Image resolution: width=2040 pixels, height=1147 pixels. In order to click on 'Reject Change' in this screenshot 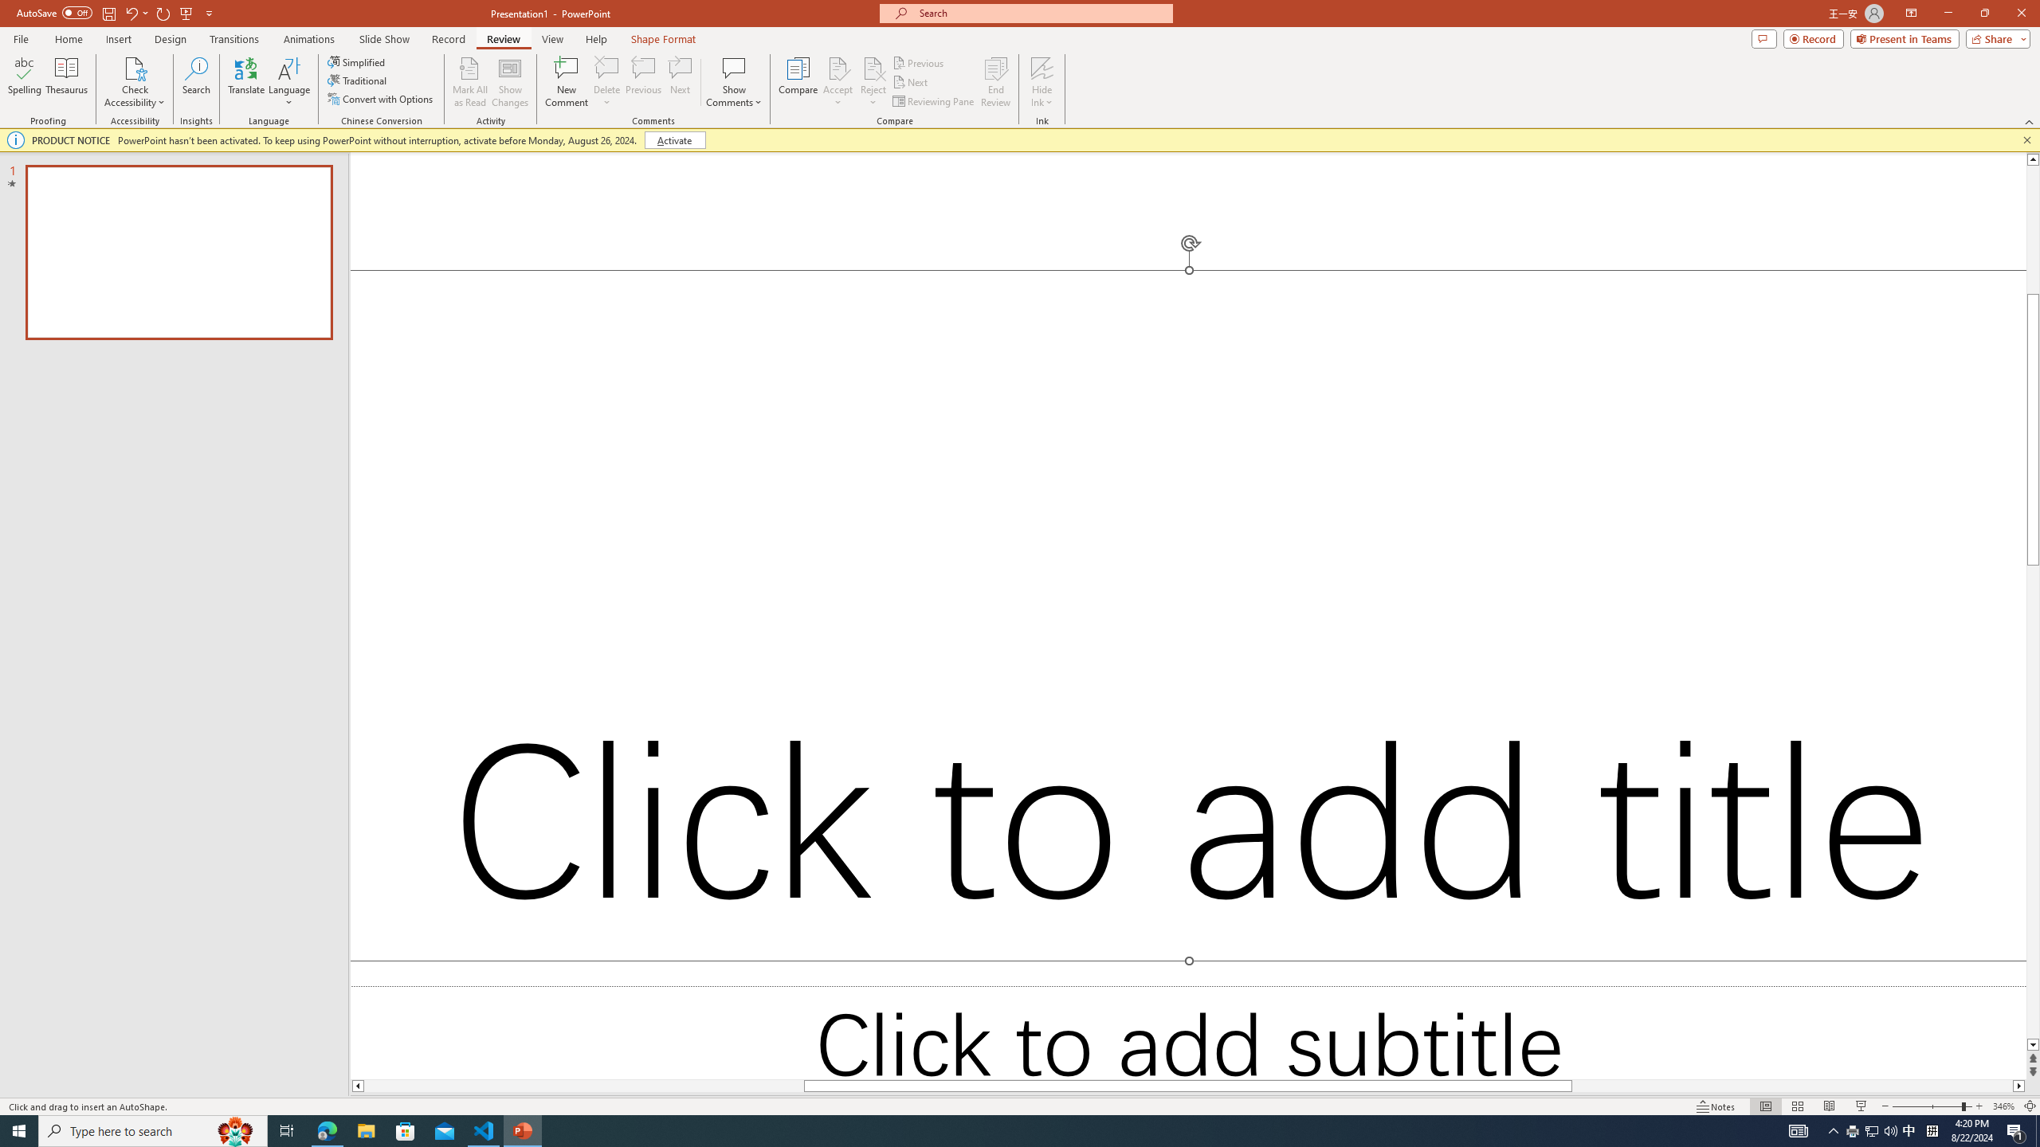, I will do `click(872, 67)`.